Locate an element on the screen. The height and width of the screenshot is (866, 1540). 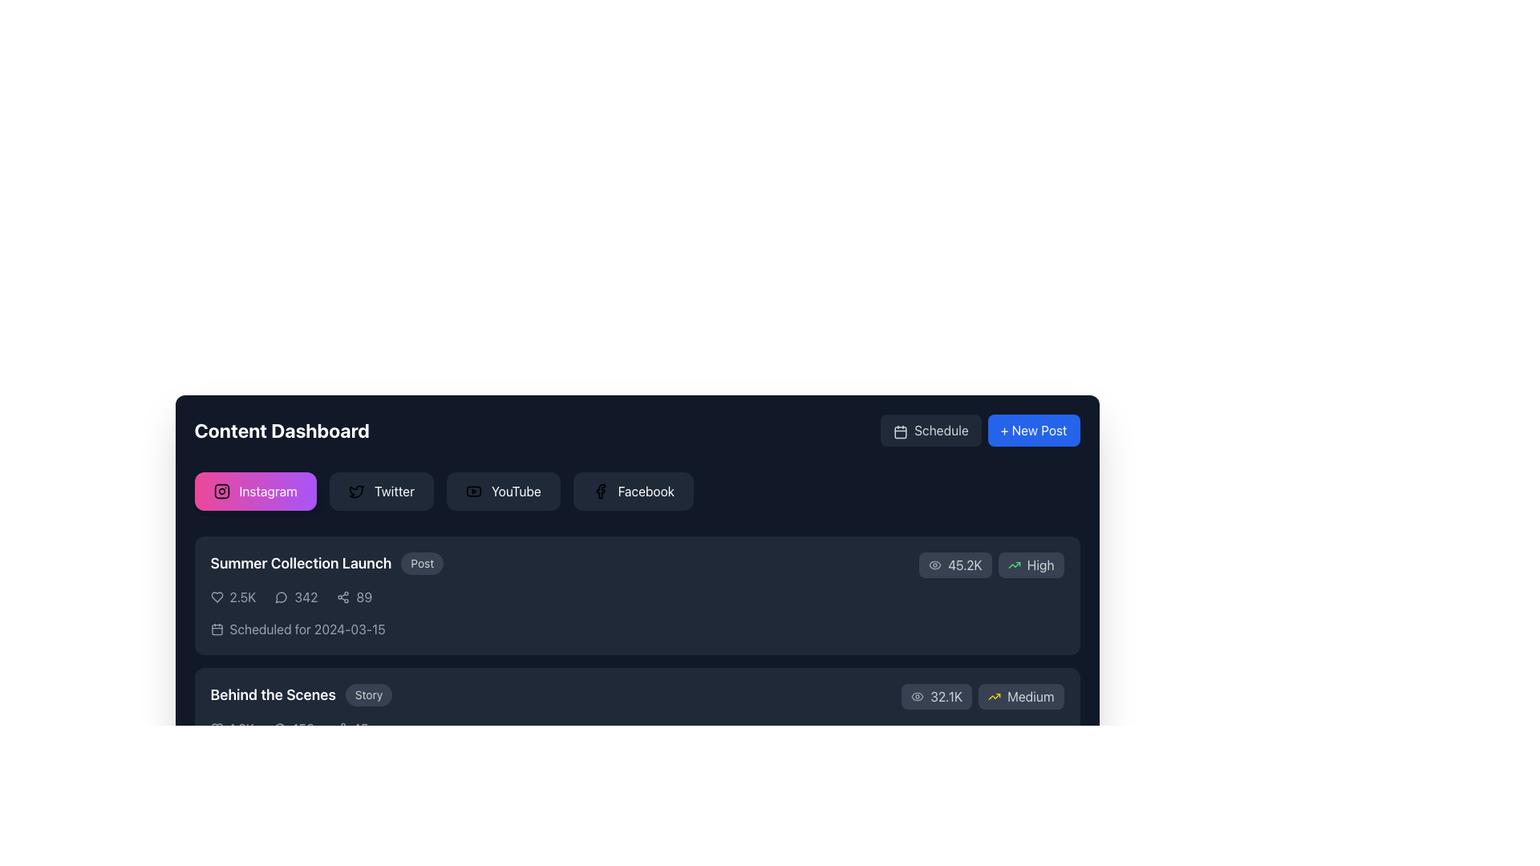
the calendar icon element, which is a rectangular shape with rounded corners, located within the 'Schedule' button in the top-right section of the interface is located at coordinates (901, 431).